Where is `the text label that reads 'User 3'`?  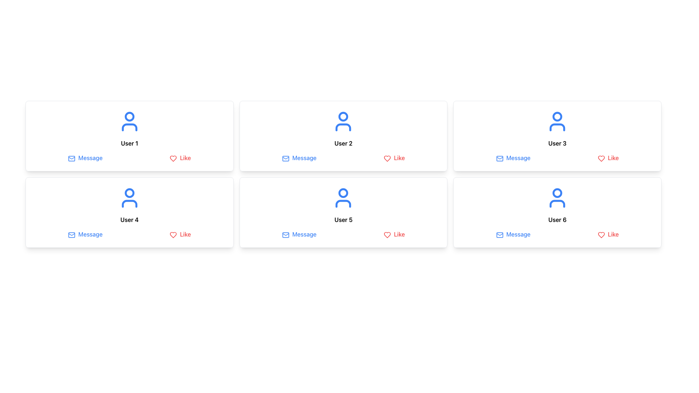 the text label that reads 'User 3' is located at coordinates (557, 143).